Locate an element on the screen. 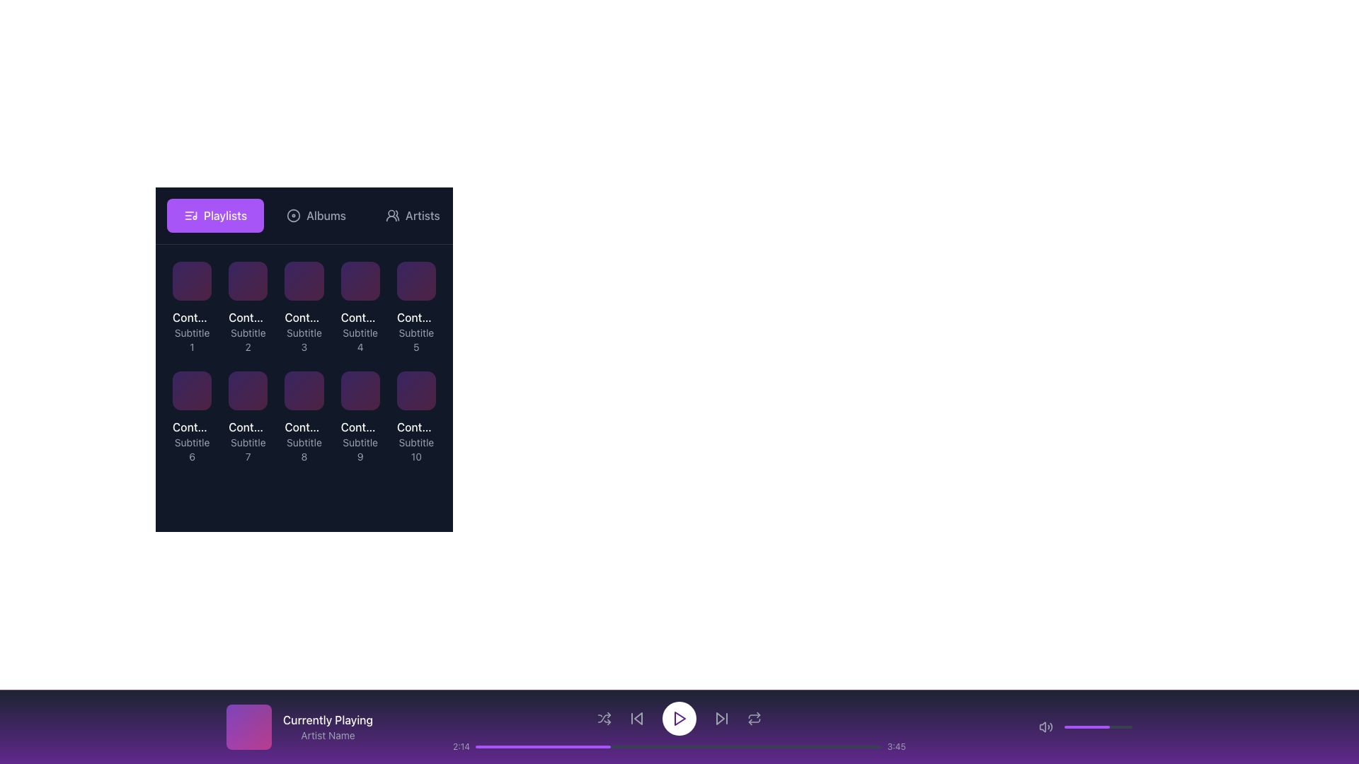  the 'skip forward' button located in the far-right section of the horizontal navigation bar at the bottom of the application to skip forward is located at coordinates (721, 718).